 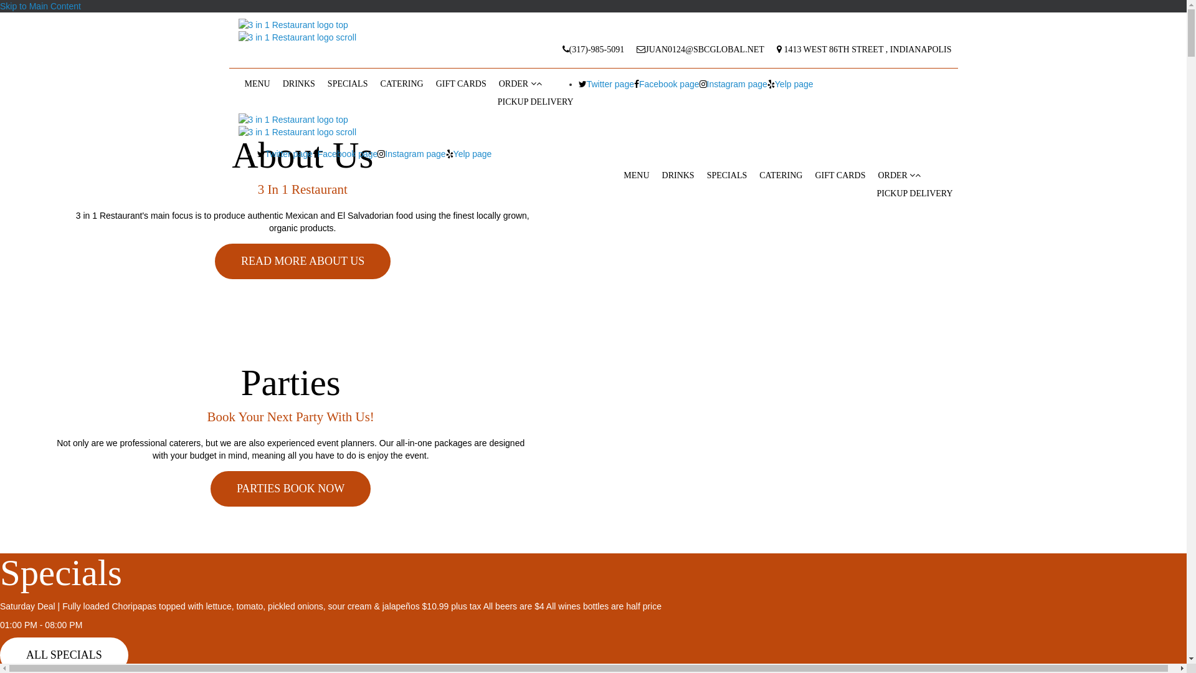 What do you see at coordinates (283, 153) in the screenshot?
I see `'Twitter page'` at bounding box center [283, 153].